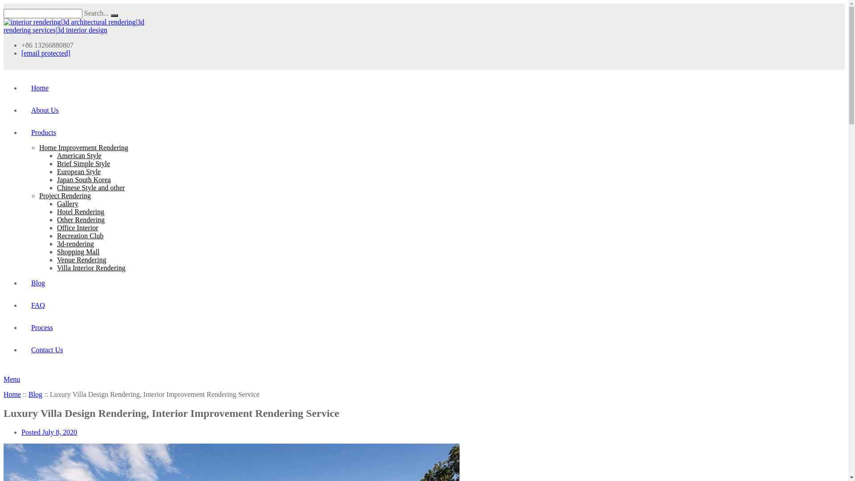 The height and width of the screenshot is (481, 855). I want to click on 'Recreation Club', so click(80, 235).